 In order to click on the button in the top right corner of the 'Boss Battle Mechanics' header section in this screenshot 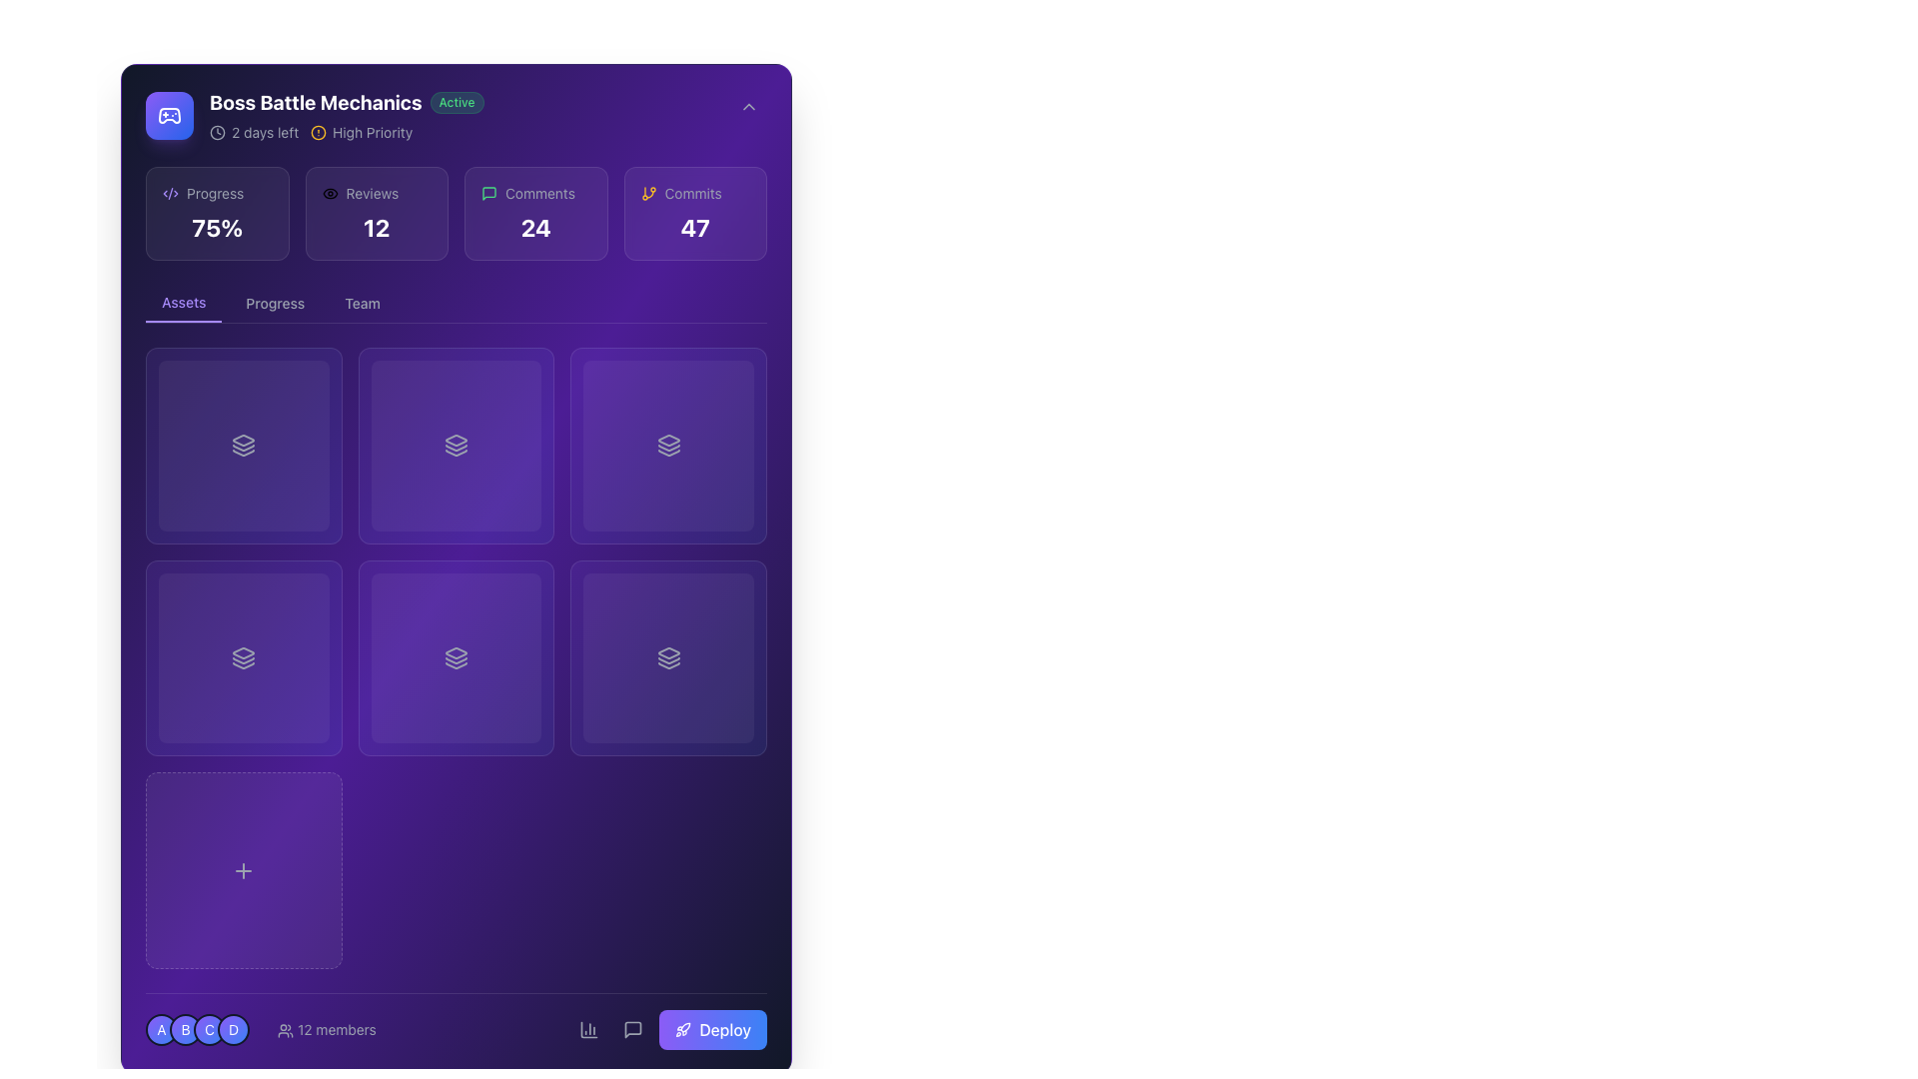, I will do `click(747, 107)`.